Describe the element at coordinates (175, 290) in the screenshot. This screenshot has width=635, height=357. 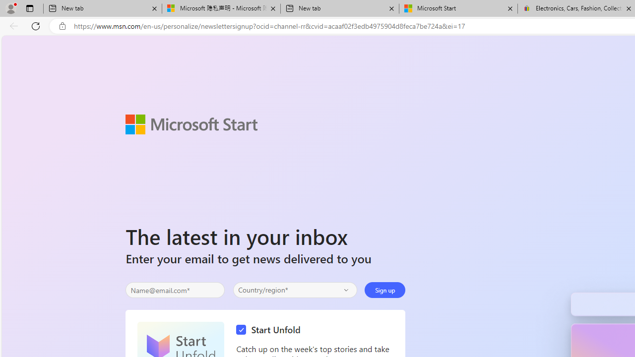
I see `'Enter your email'` at that location.